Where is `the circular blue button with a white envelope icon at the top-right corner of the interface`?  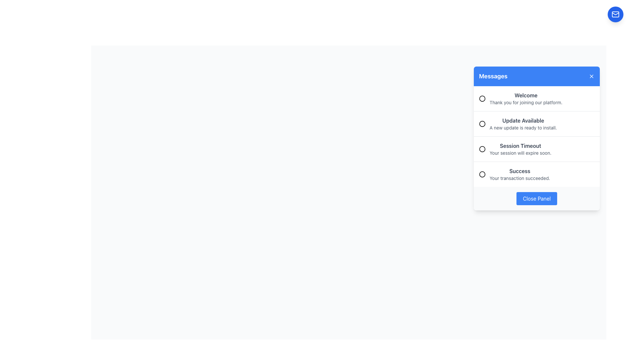
the circular blue button with a white envelope icon at the top-right corner of the interface is located at coordinates (615, 14).